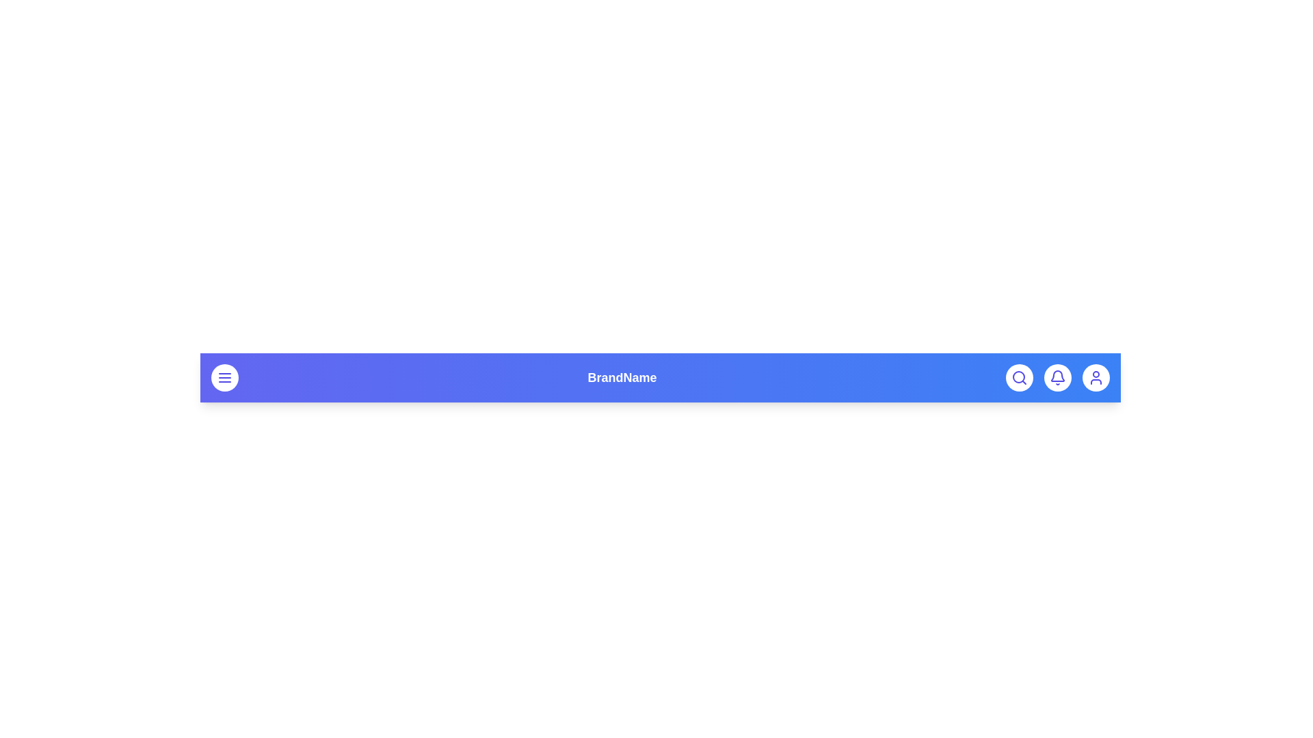 The height and width of the screenshot is (738, 1313). I want to click on the search button to toggle the search input, so click(1020, 377).